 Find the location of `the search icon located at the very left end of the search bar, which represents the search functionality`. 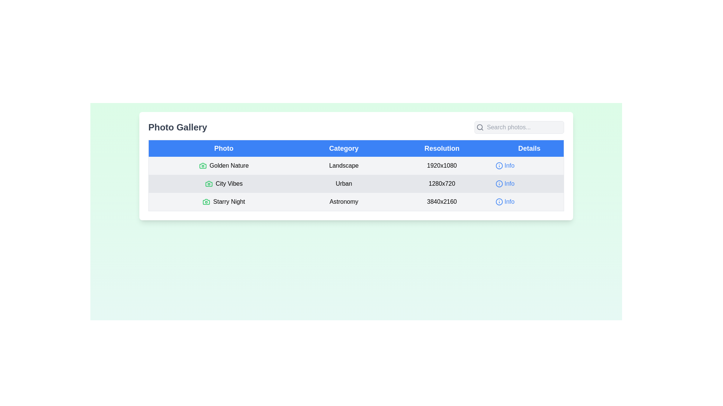

the search icon located at the very left end of the search bar, which represents the search functionality is located at coordinates (480, 127).